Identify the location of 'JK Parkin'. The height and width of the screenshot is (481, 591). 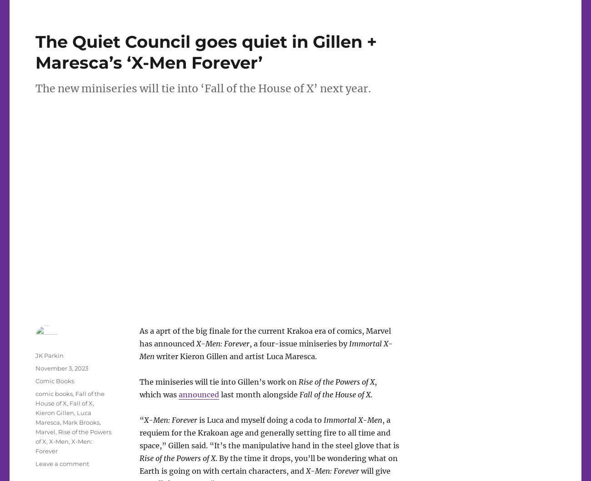
(49, 355).